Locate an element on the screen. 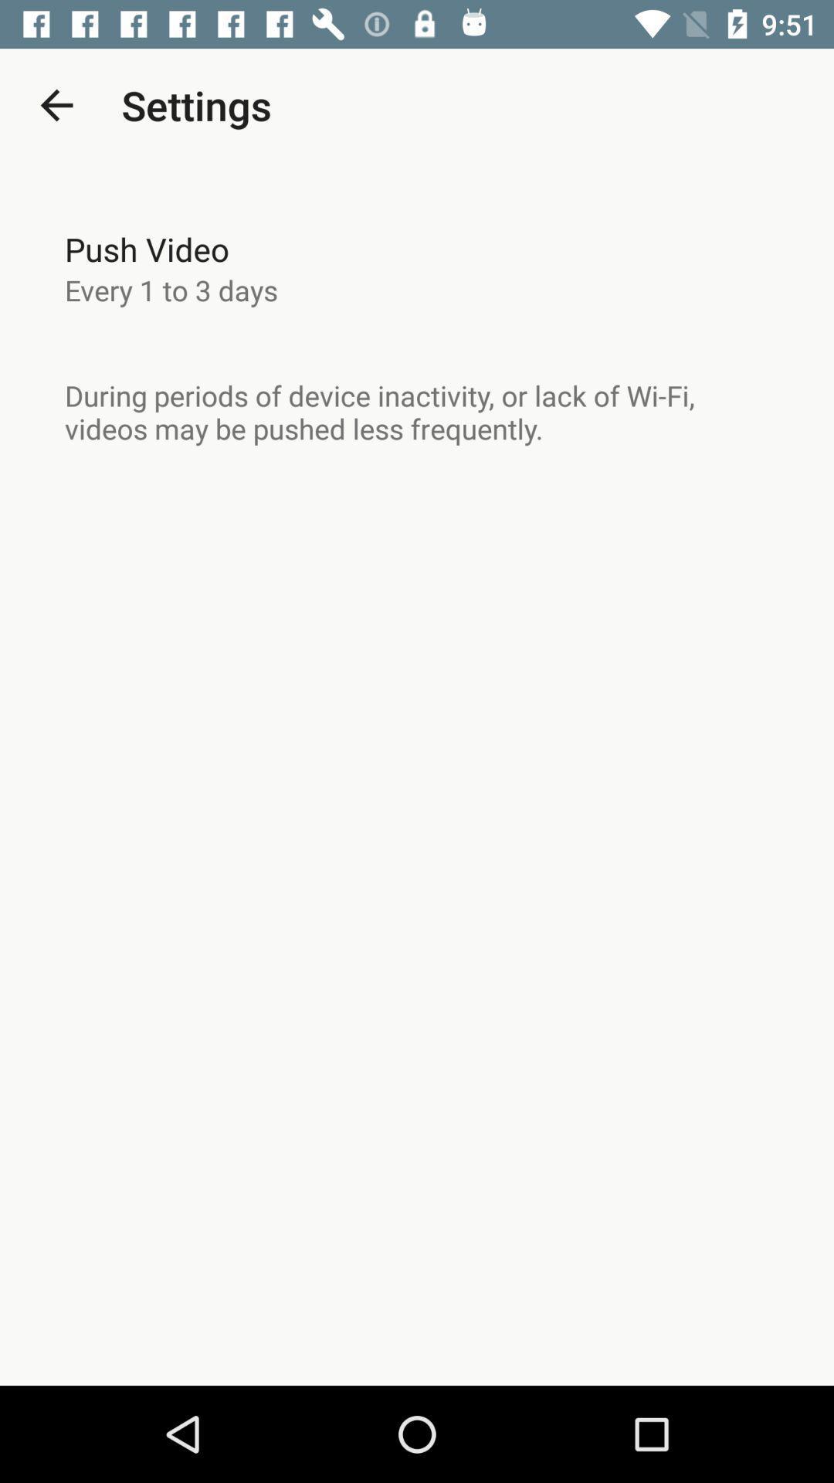 The image size is (834, 1483). the every 1 to icon is located at coordinates (171, 290).